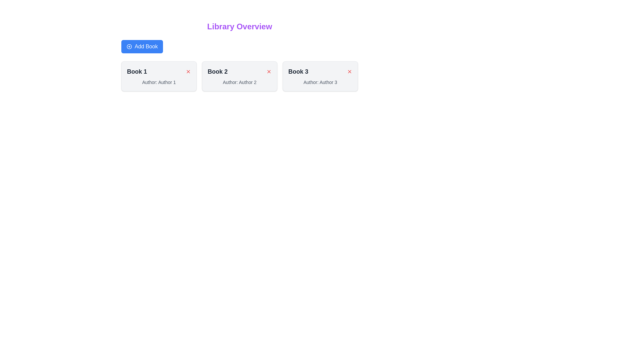  Describe the element at coordinates (158, 82) in the screenshot. I see `text displayed in the author's name label located at the bottom of the 'Book 1' card in the top-left corner of the grid` at that location.